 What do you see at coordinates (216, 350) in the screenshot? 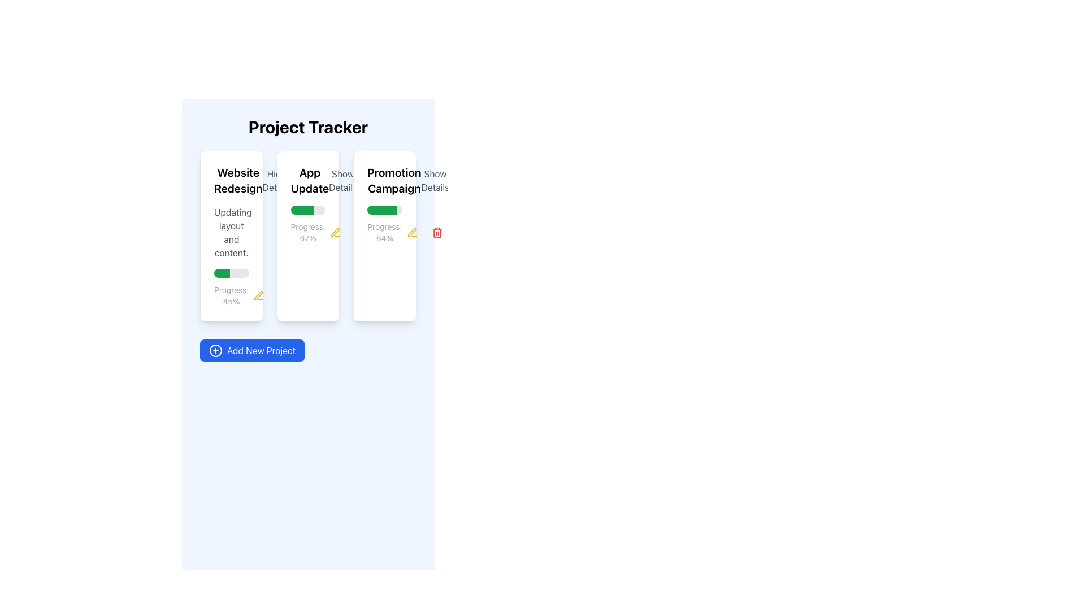
I see `the Circle component of the SVG icon representing the 'plus' part of the 'Add New Project' button` at bounding box center [216, 350].